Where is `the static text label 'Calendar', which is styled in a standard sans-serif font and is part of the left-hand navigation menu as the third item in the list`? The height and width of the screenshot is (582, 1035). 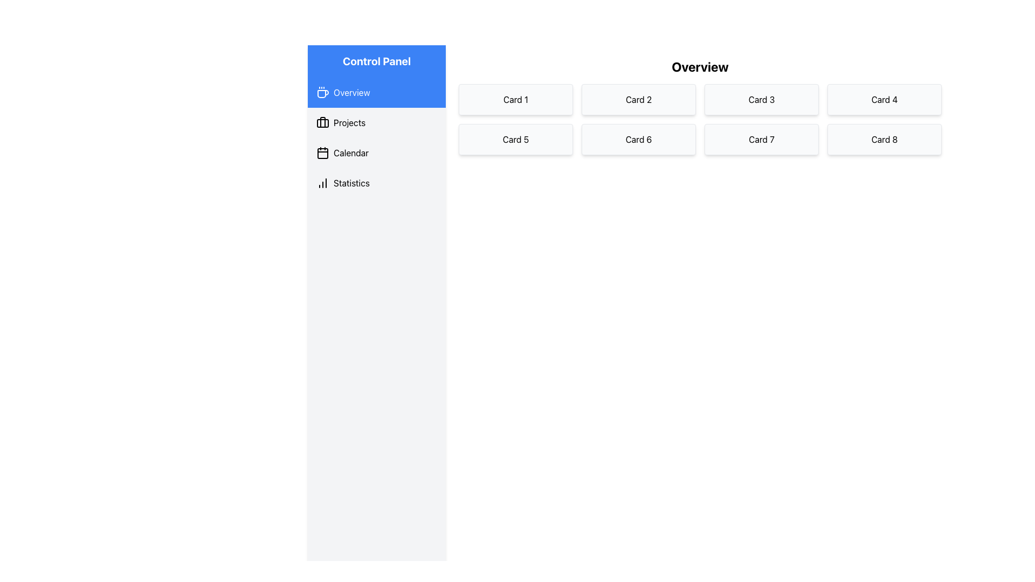
the static text label 'Calendar', which is styled in a standard sans-serif font and is part of the left-hand navigation menu as the third item in the list is located at coordinates (351, 153).